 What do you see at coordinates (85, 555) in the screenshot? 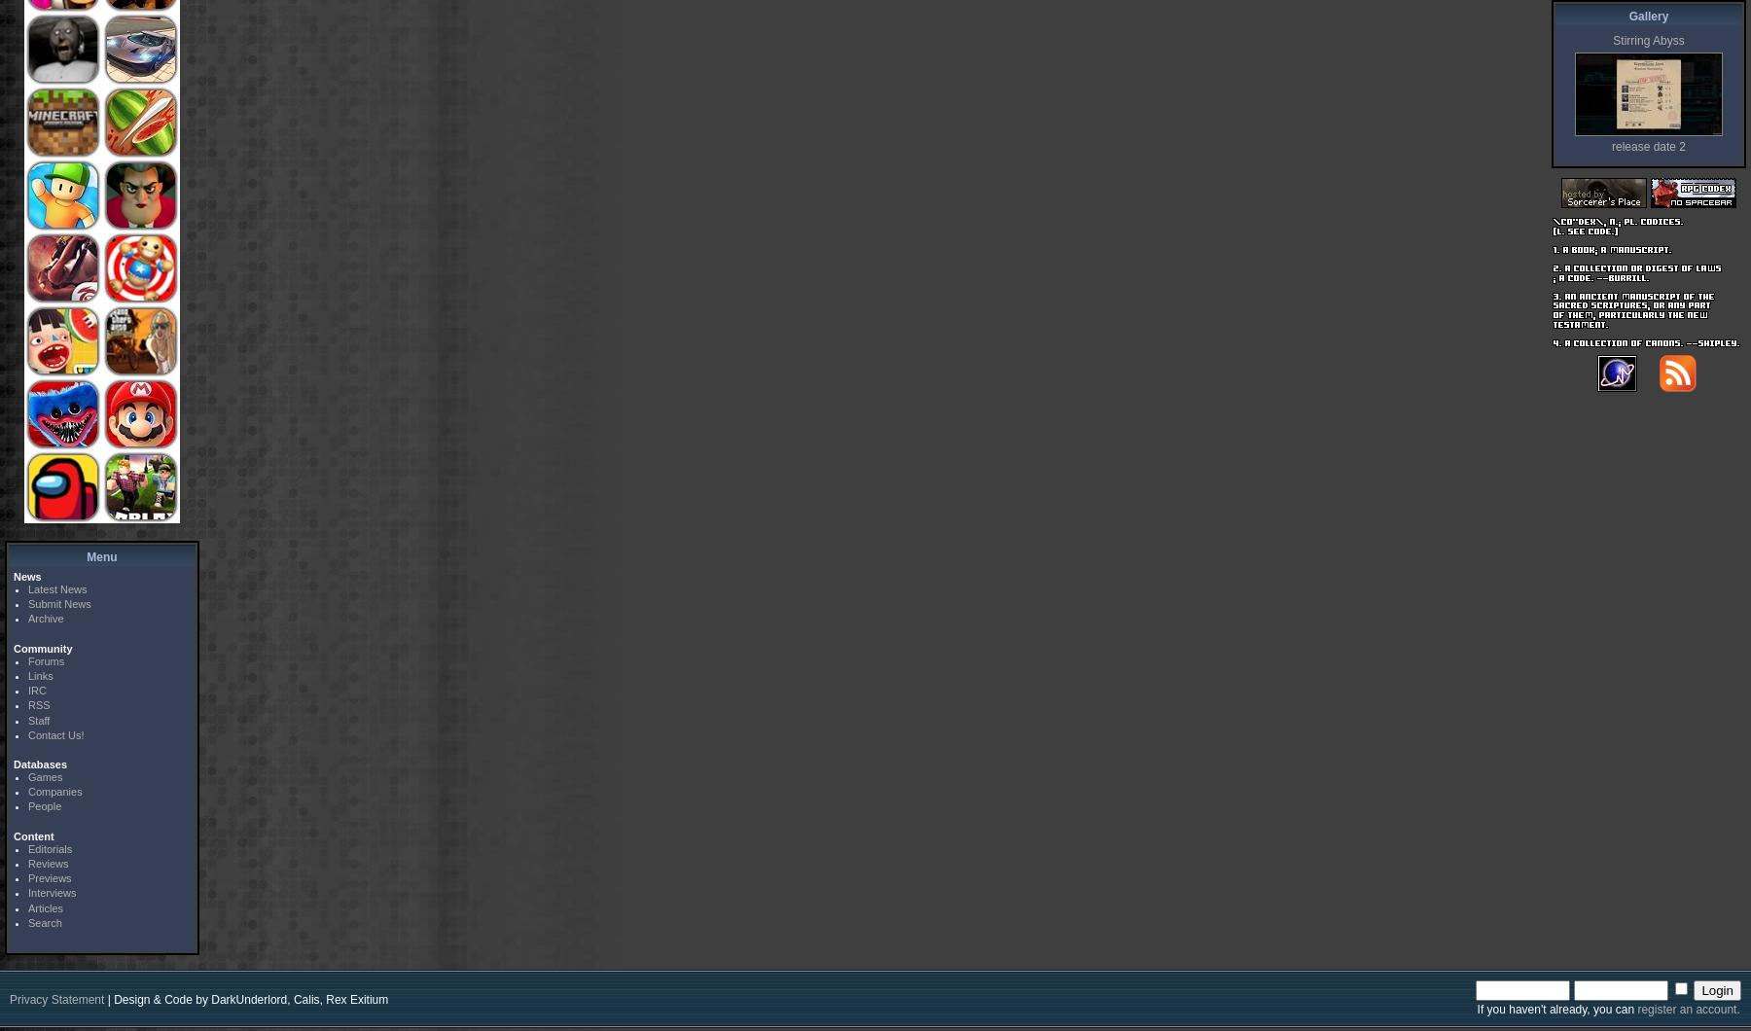
I see `'Menu'` at bounding box center [85, 555].